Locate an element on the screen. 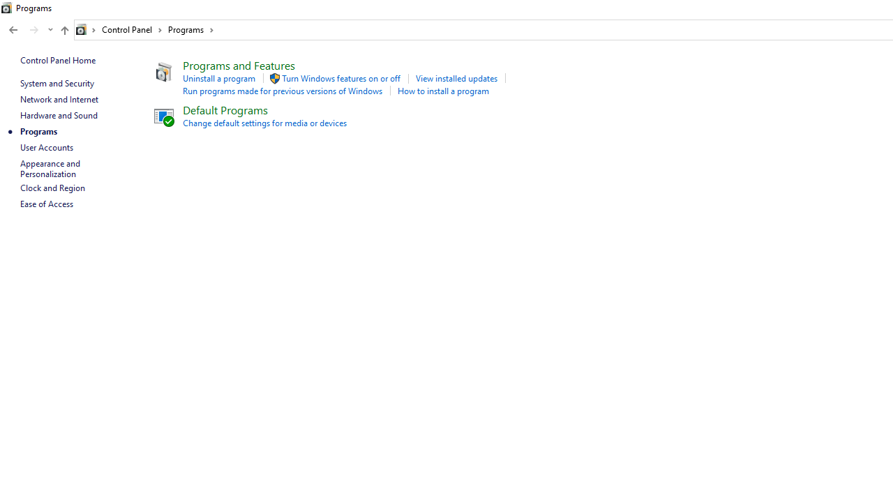  'System' is located at coordinates (7, 8).